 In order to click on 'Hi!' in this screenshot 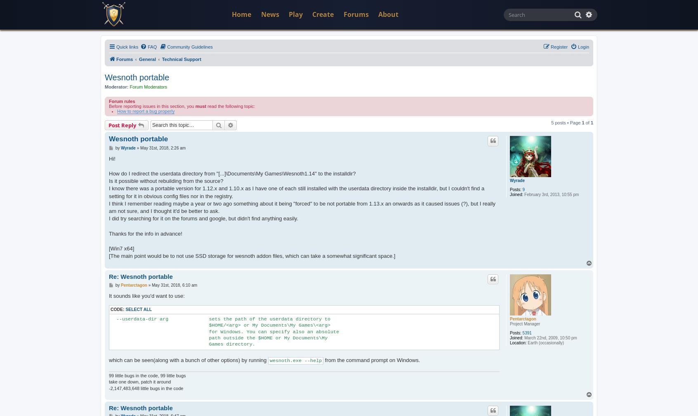, I will do `click(108, 158)`.